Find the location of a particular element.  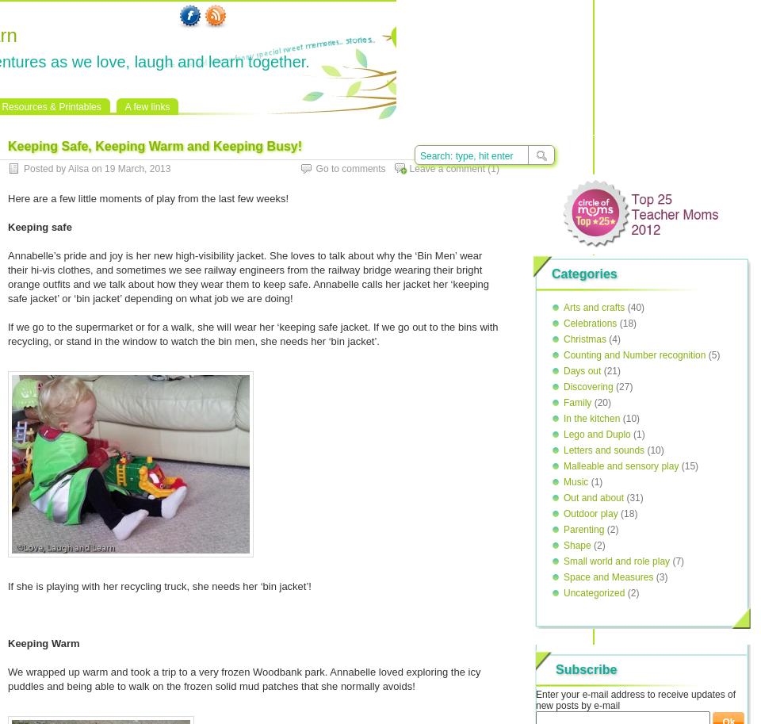

'Go to comments' is located at coordinates (350, 168).